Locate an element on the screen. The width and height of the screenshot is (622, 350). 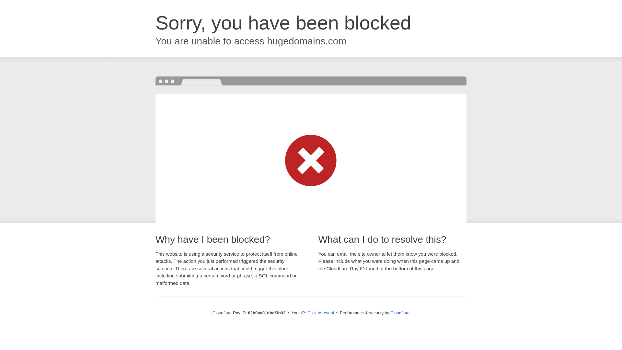
'Cloudflare' is located at coordinates (390, 312).